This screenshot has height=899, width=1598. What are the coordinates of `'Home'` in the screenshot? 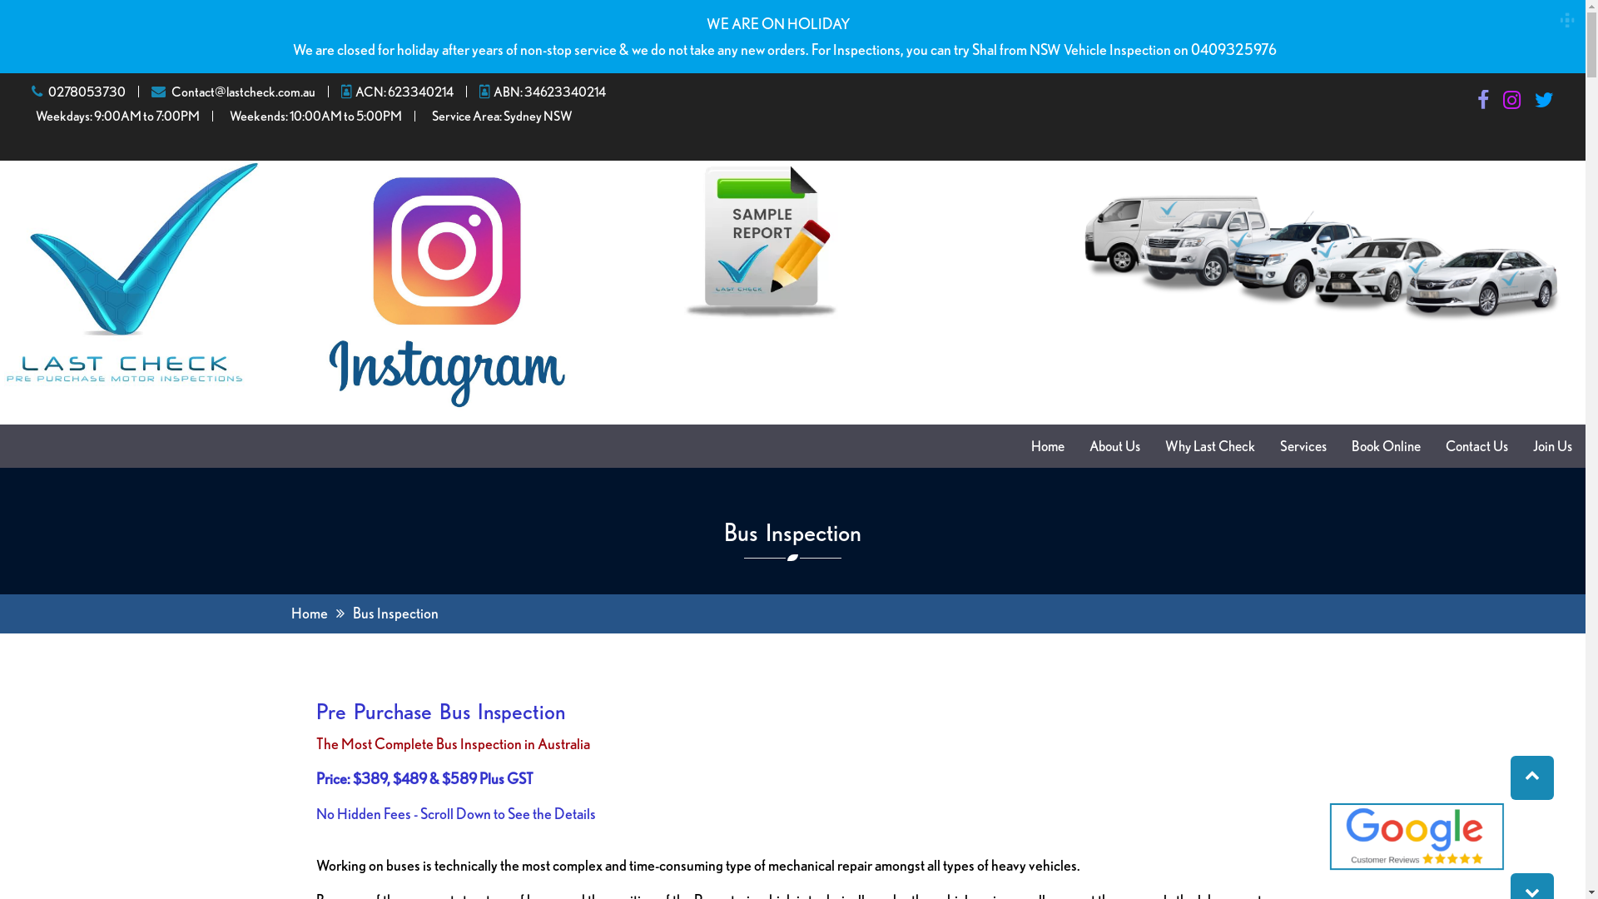 It's located at (309, 613).